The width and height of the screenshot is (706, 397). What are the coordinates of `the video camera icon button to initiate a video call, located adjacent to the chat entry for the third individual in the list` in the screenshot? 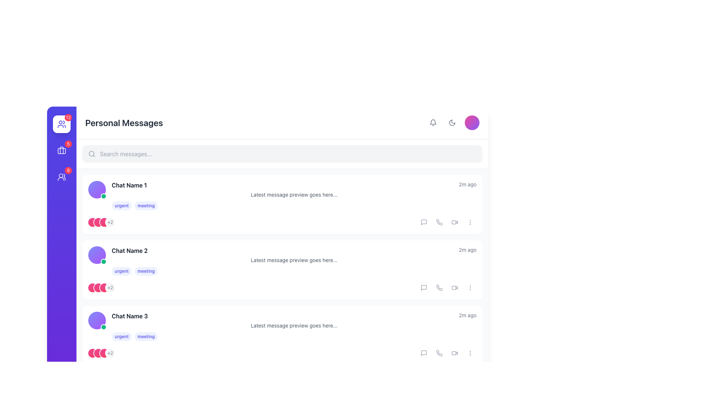 It's located at (454, 353).